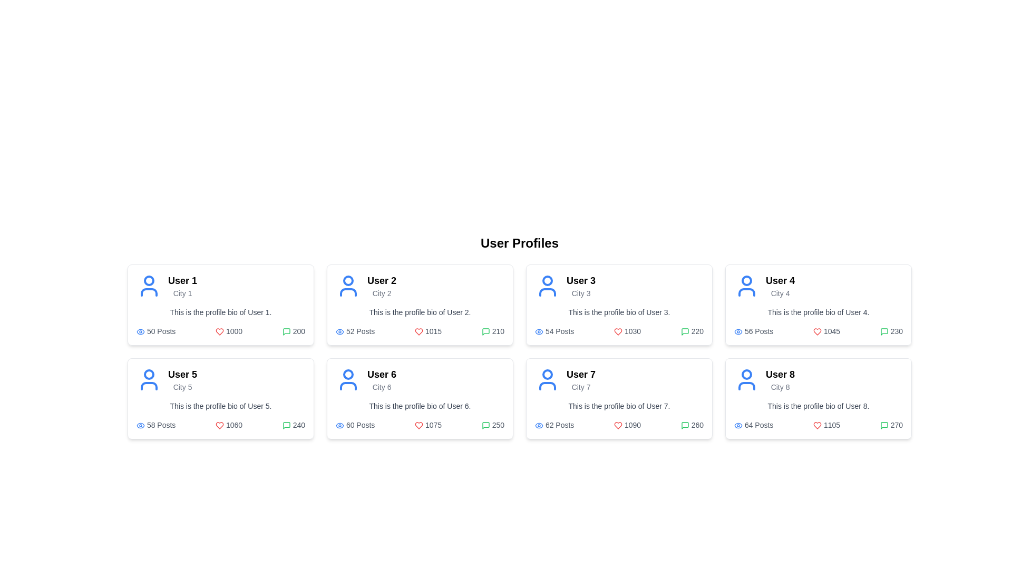 Image resolution: width=1012 pixels, height=569 pixels. Describe the element at coordinates (155, 330) in the screenshot. I see `the informational label with an icon and text indicating the number of posts associated with 'User 1', located in the bottom-left section of the first user profile card` at that location.